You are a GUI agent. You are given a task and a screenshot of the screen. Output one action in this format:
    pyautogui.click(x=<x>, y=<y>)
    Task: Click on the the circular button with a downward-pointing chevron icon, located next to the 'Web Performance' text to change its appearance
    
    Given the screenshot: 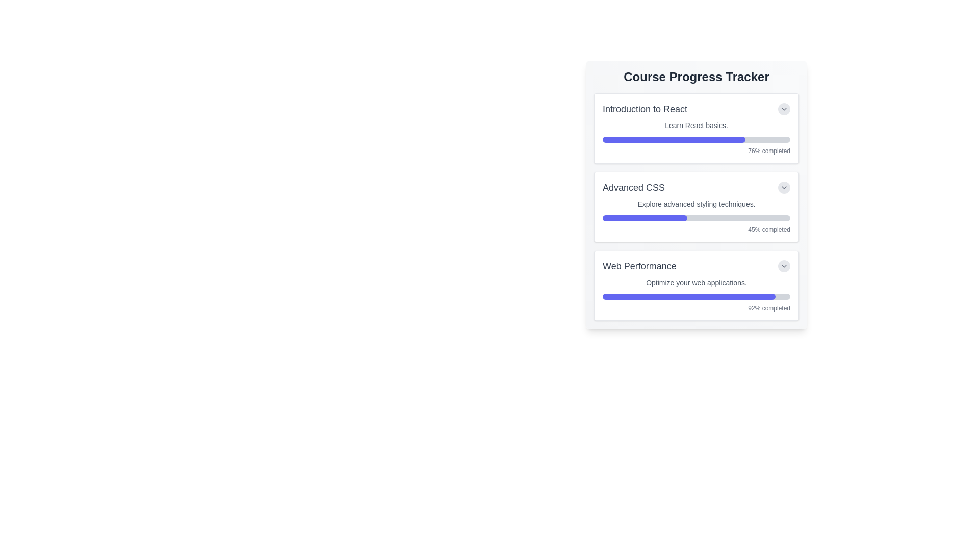 What is the action you would take?
    pyautogui.click(x=783, y=265)
    